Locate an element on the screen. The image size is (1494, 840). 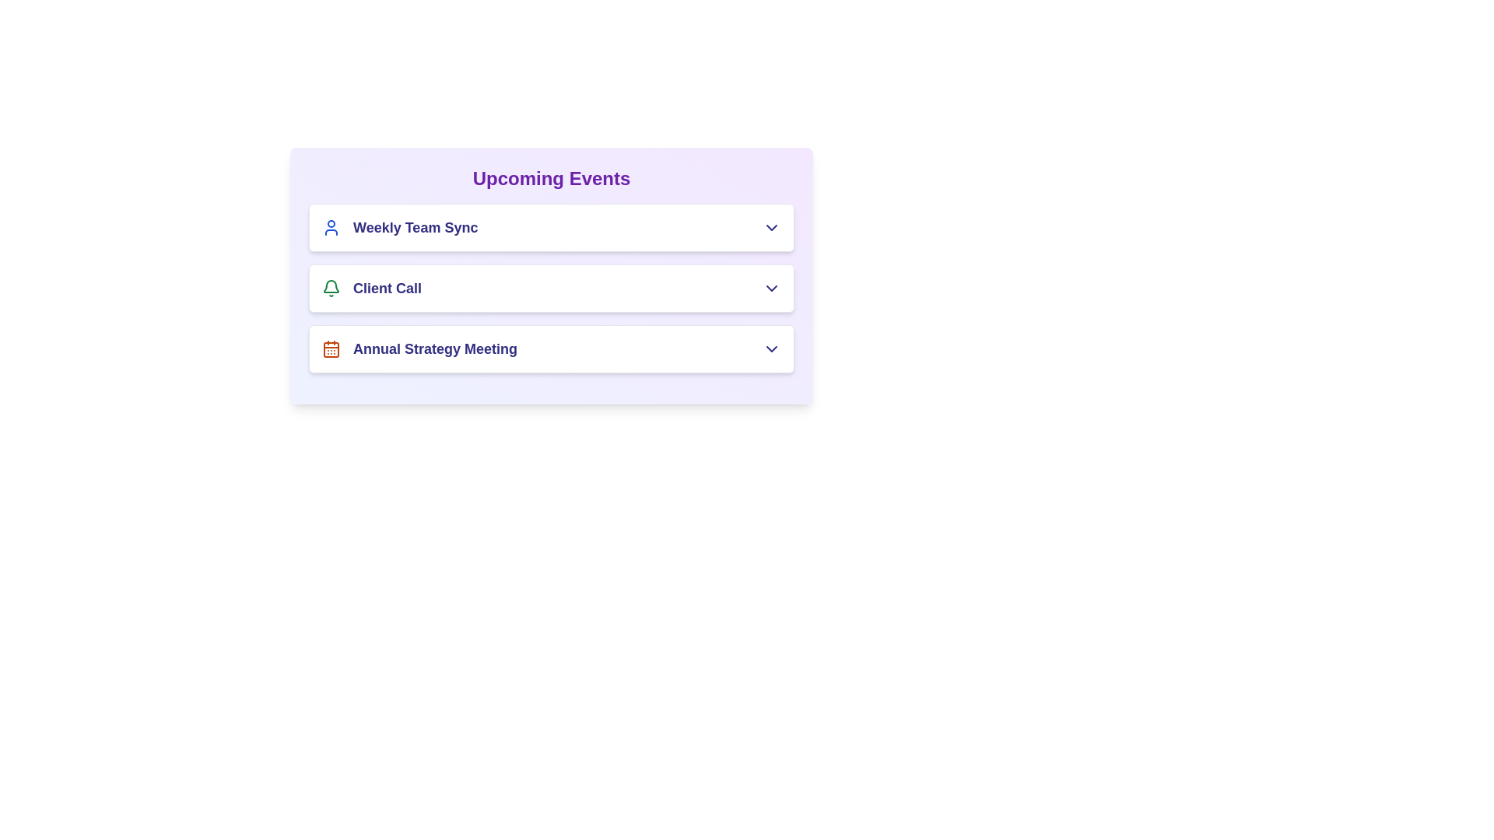
the interactive list item for the event titled 'Client Call' is located at coordinates (552, 288).